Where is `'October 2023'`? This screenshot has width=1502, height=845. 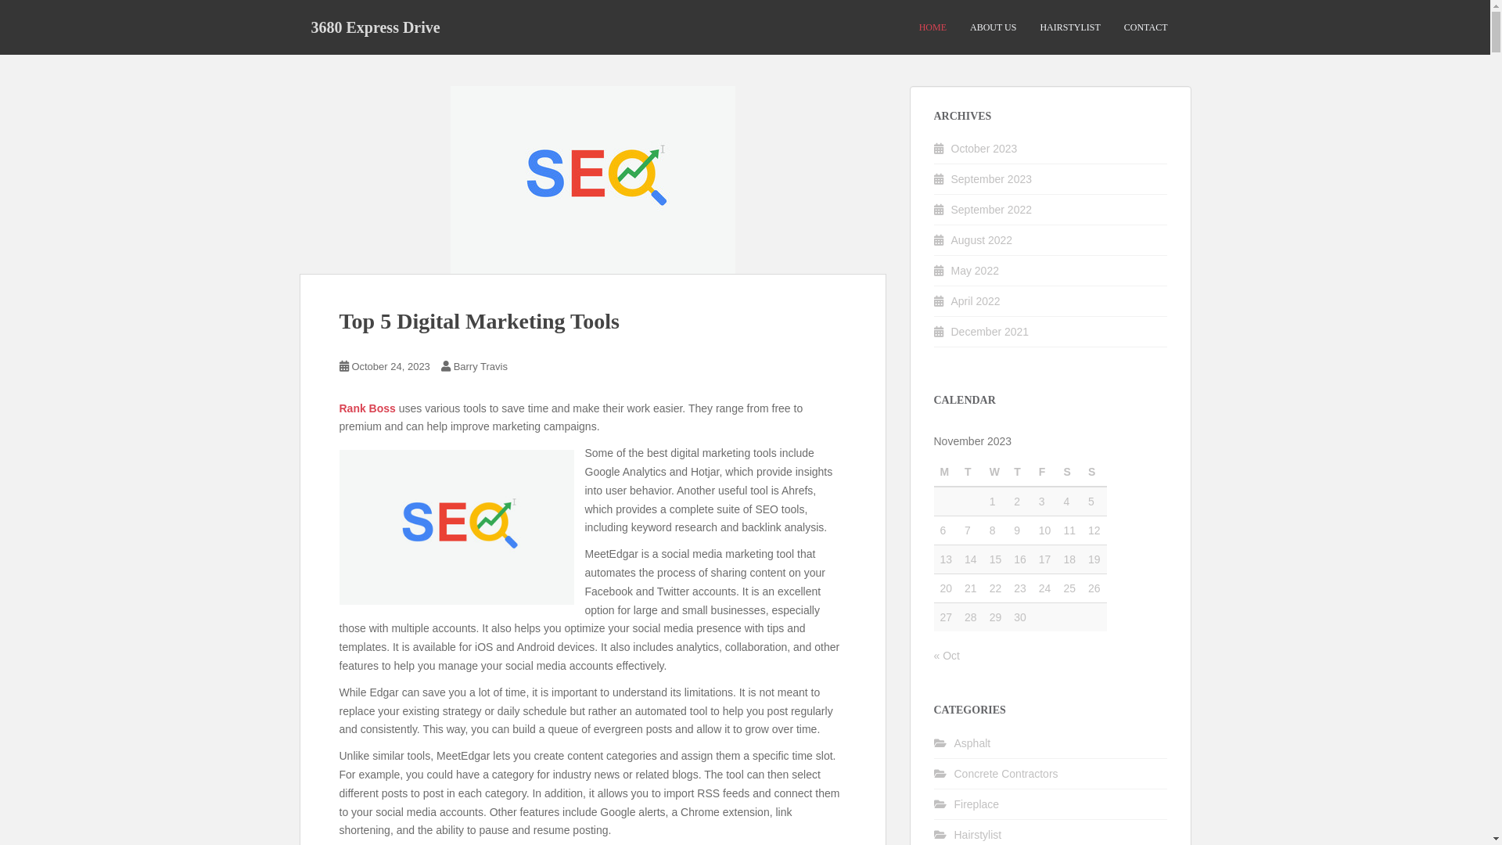 'October 2023' is located at coordinates (983, 148).